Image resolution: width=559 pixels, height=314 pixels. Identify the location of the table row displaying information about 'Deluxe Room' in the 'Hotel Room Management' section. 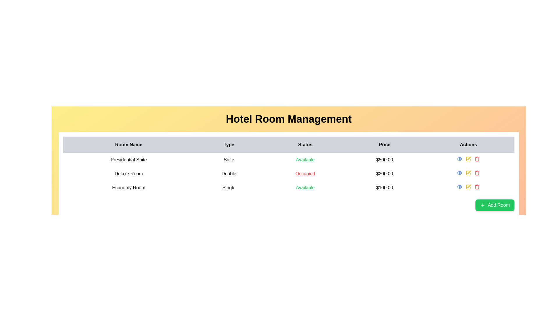
(289, 173).